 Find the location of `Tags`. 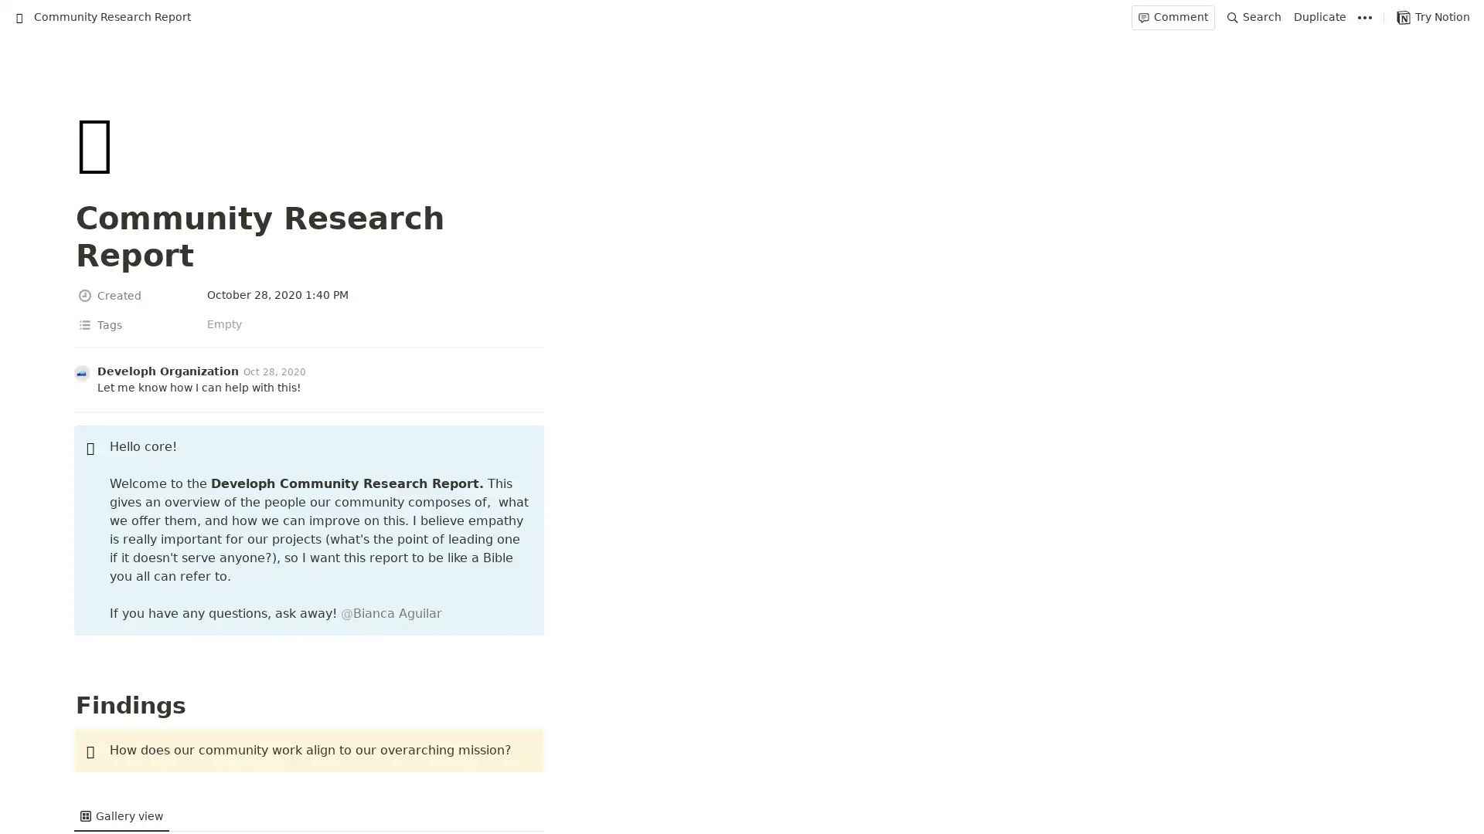

Tags is located at coordinates (136, 288).